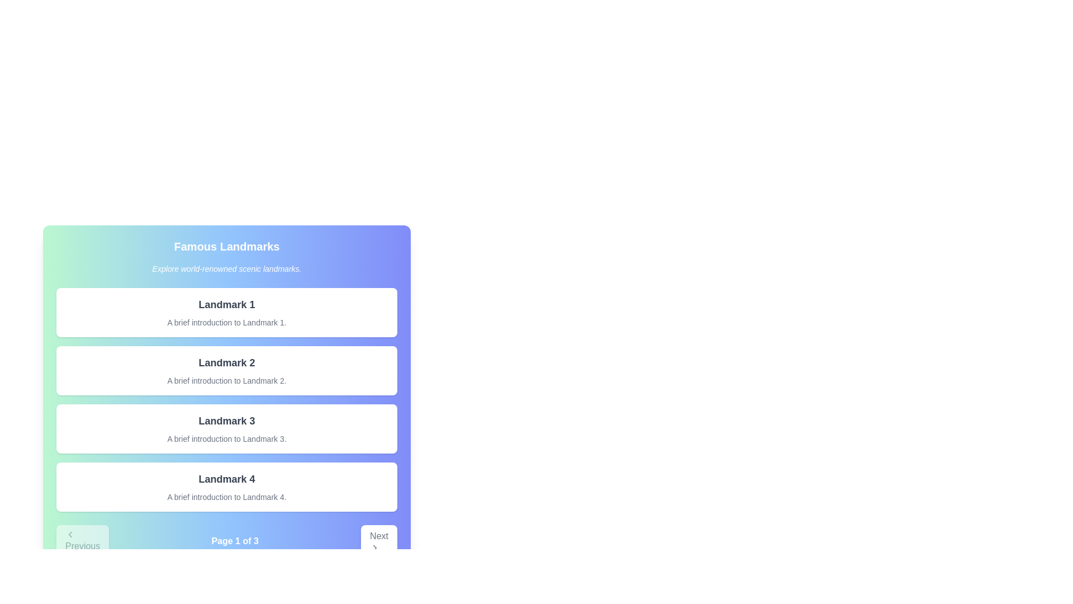 The width and height of the screenshot is (1073, 604). I want to click on the text block reading 'A brief introduction to Landmark 1.' styled in gray color, located beneath the heading 'Landmark 1.', so click(226, 323).